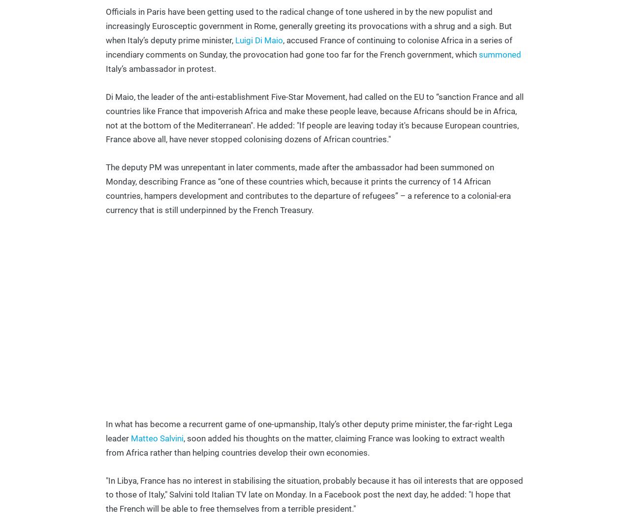  I want to click on 'Italy’s ambassador in protest.', so click(106, 68).